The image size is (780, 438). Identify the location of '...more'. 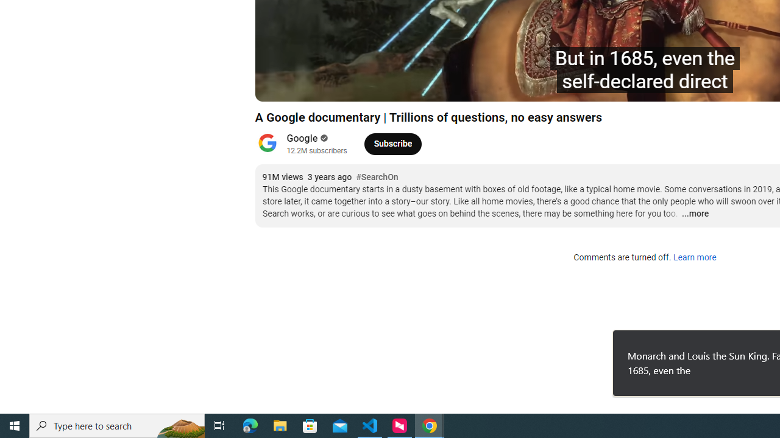
(695, 214).